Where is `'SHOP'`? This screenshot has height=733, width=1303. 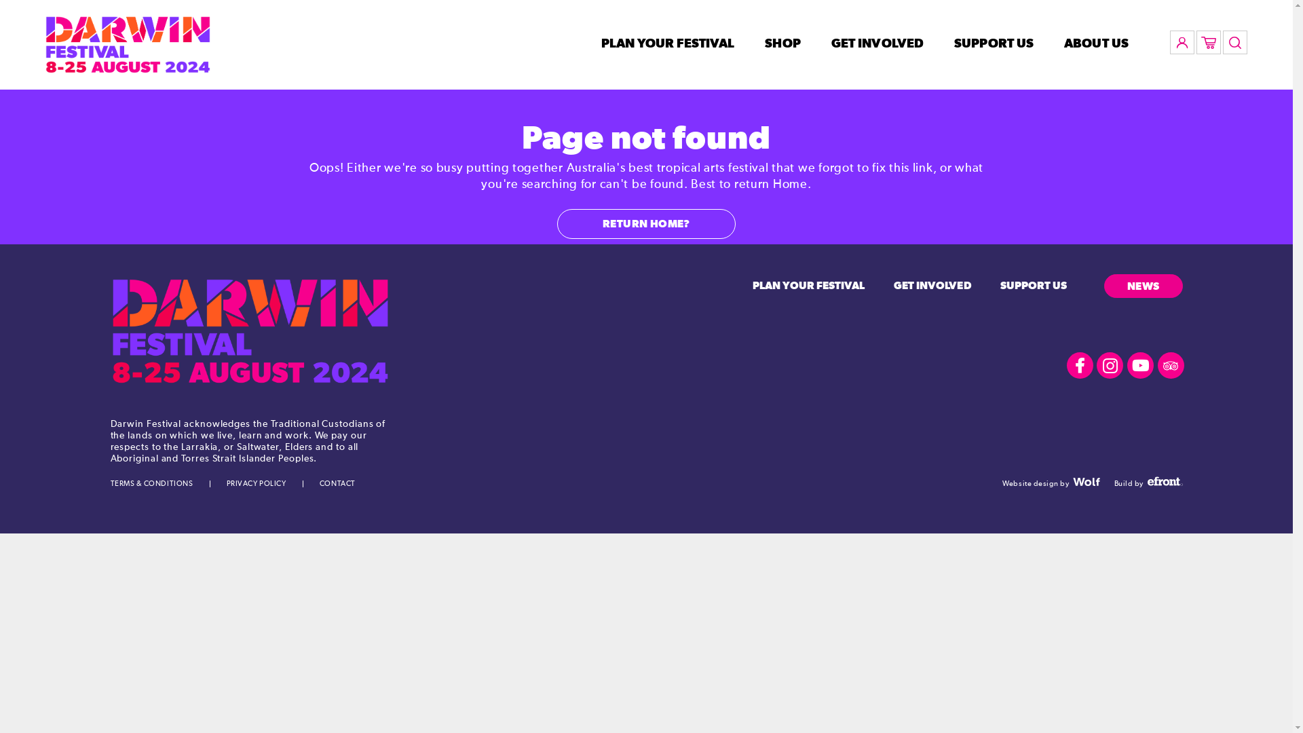 'SHOP' is located at coordinates (757, 42).